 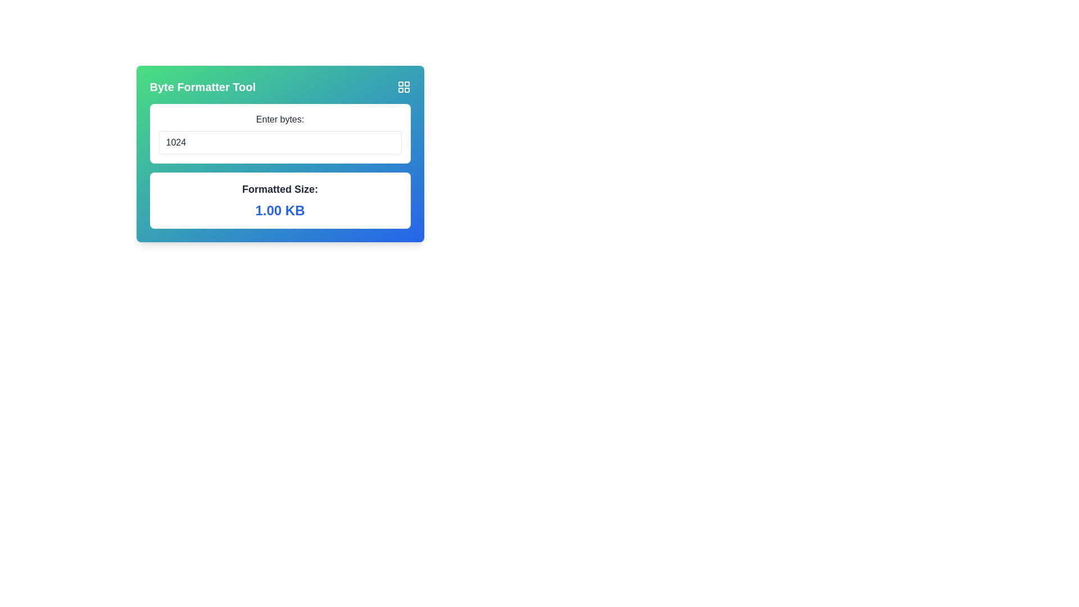 What do you see at coordinates (404, 86) in the screenshot?
I see `the layout or grid configuration icon located at the top-right corner of the 'Byte Formatter Tool' interface` at bounding box center [404, 86].